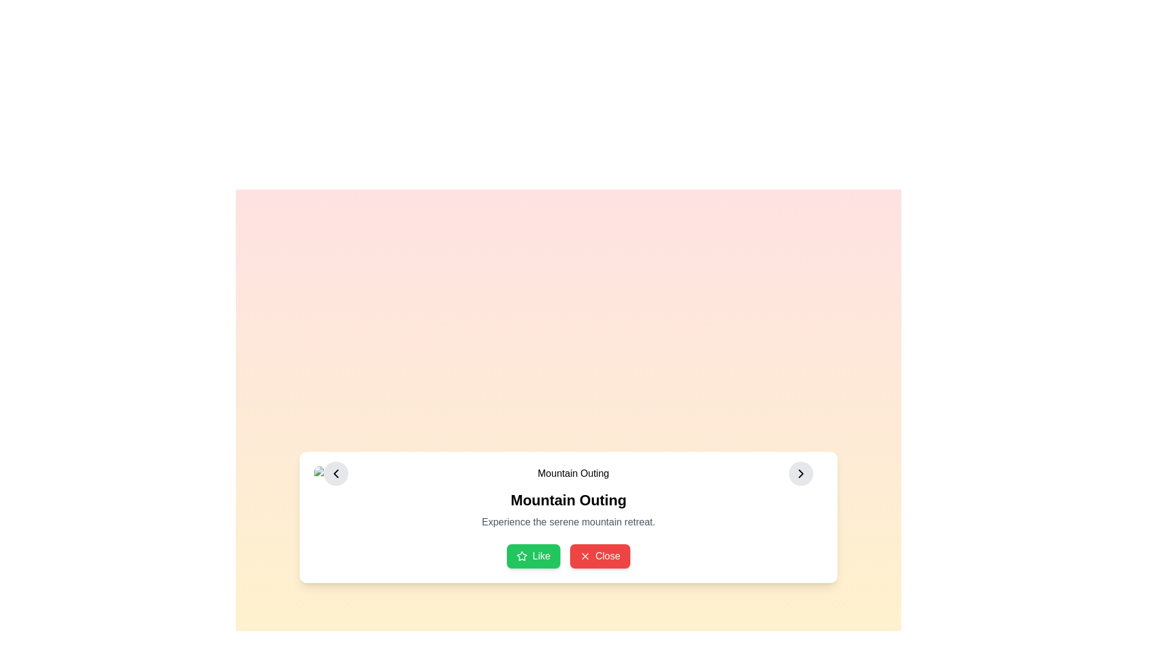  Describe the element at coordinates (801, 473) in the screenshot. I see `the right-pointing chevron icon within the circular button located at the top right corner of the rectangular card interface` at that location.